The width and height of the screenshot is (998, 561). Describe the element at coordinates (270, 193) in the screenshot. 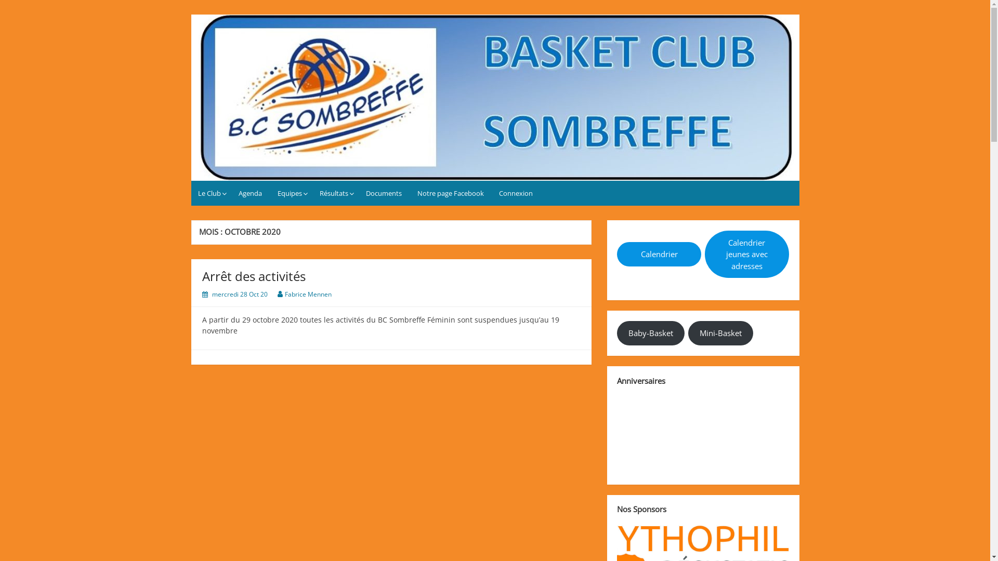

I see `'Equipes'` at that location.